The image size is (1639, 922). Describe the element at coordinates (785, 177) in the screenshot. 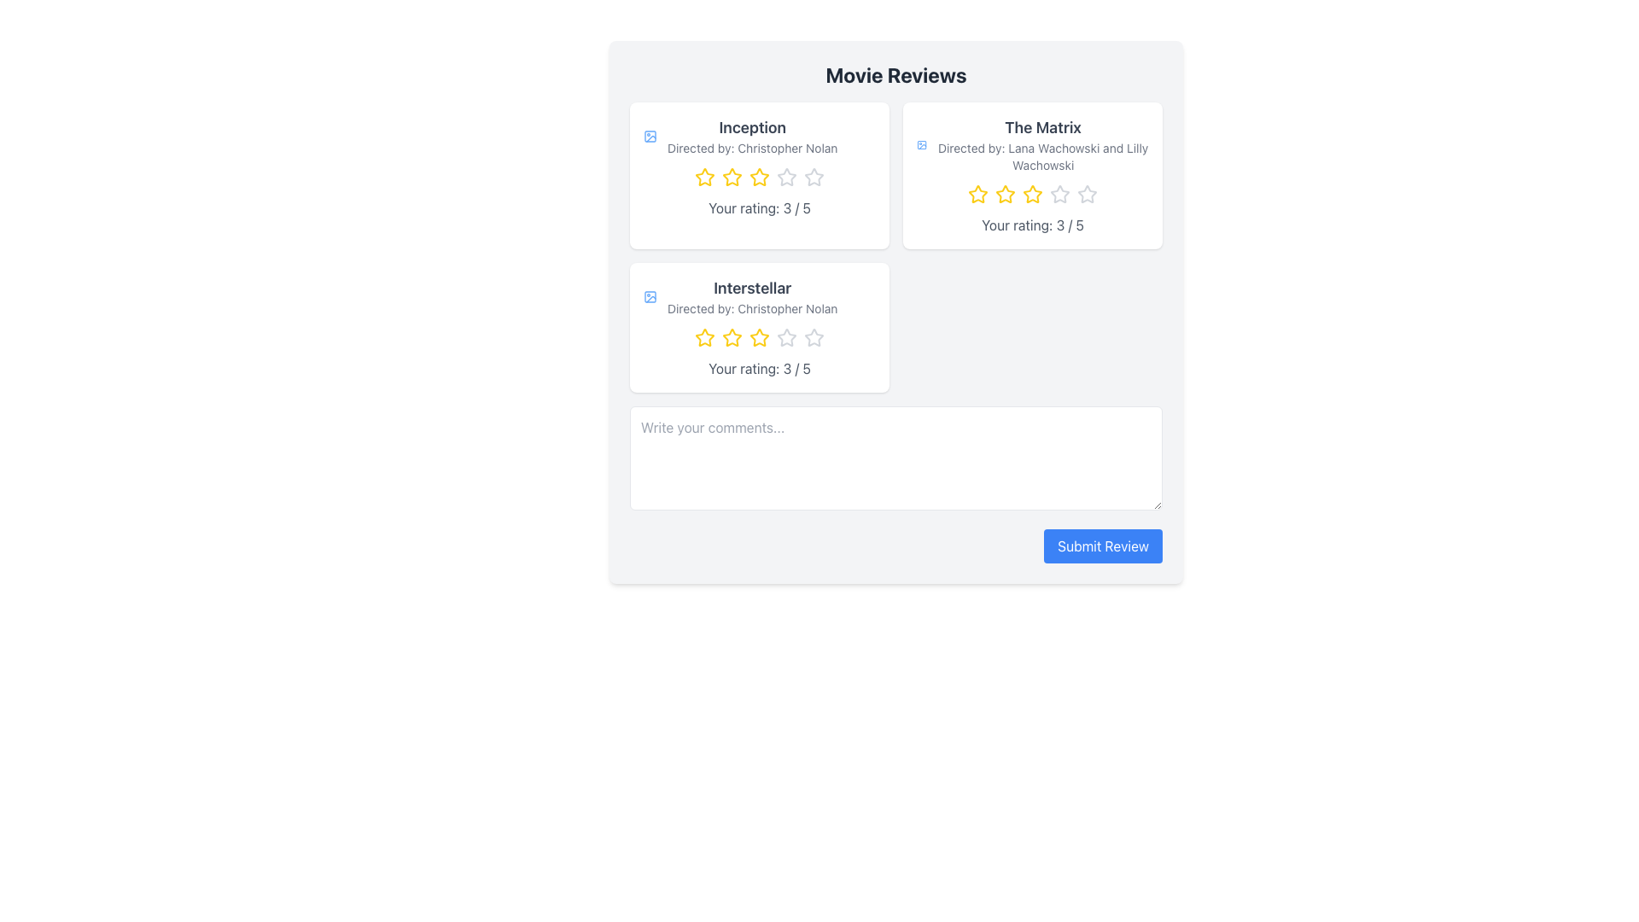

I see `the third star in the star rating system under the 'Inception' review card to rate it` at that location.